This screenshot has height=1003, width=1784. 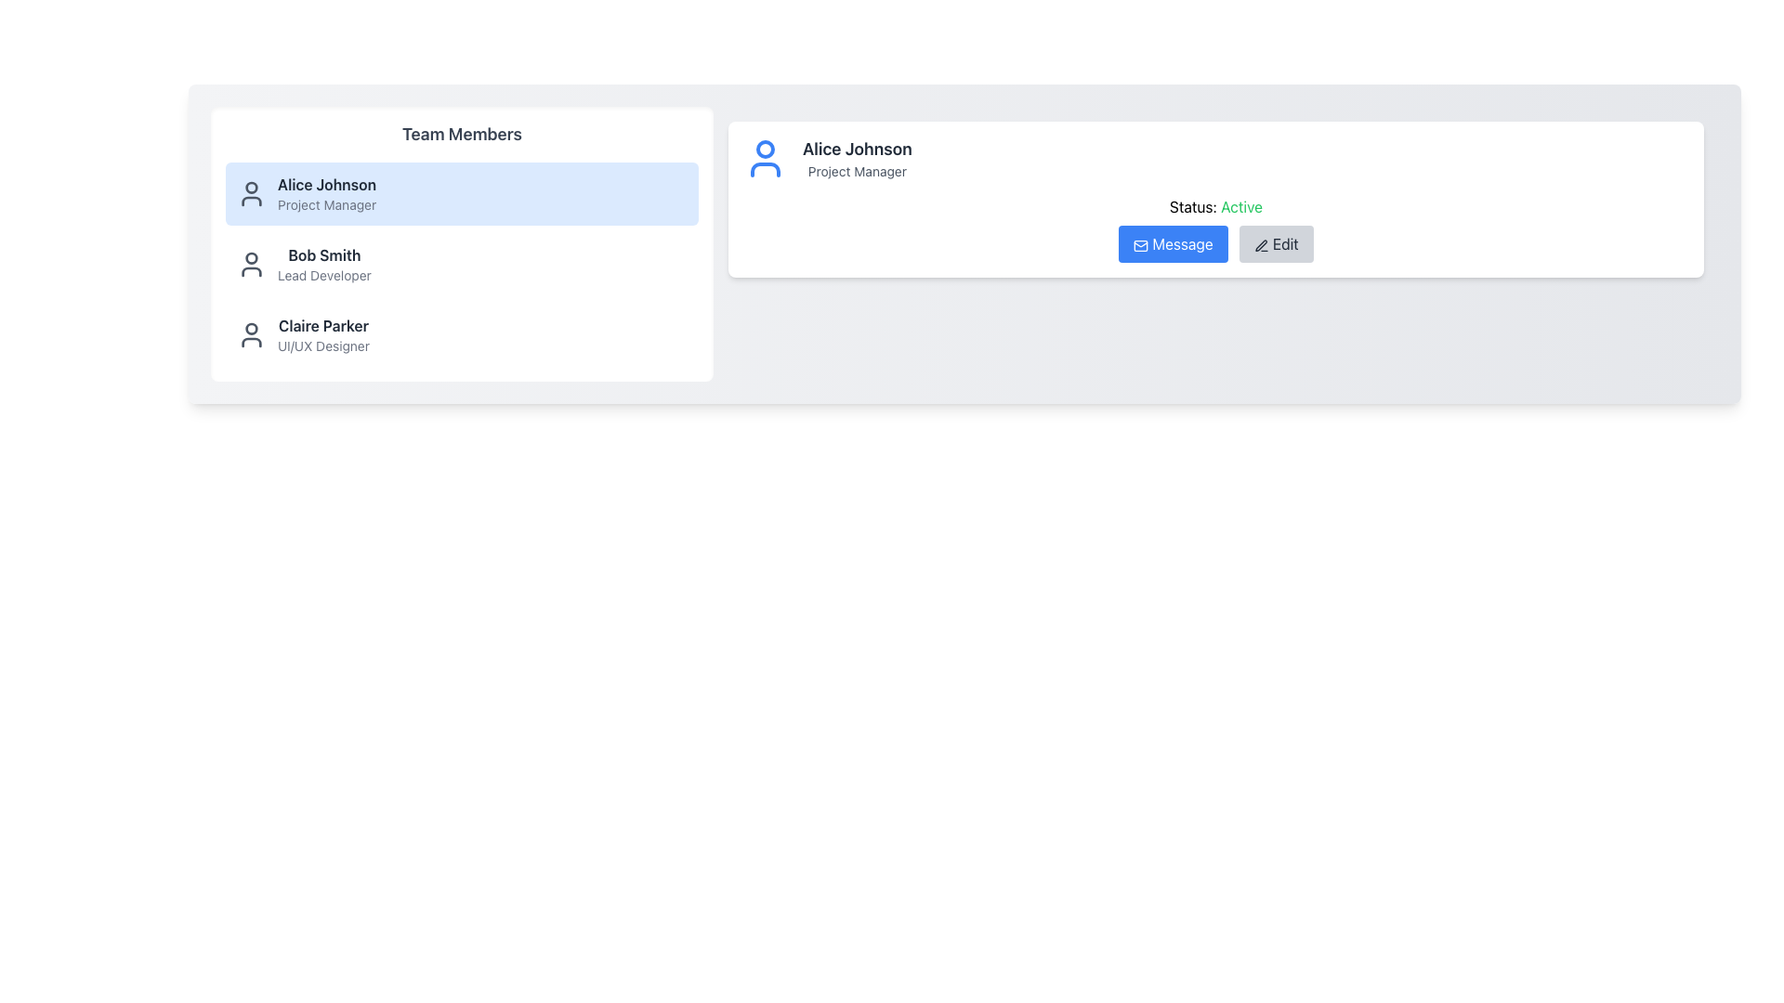 I want to click on the user profile icon for Claire Parker, which is a minimalistic dark gray design located on the left side of the entry displaying her details, so click(x=250, y=335).